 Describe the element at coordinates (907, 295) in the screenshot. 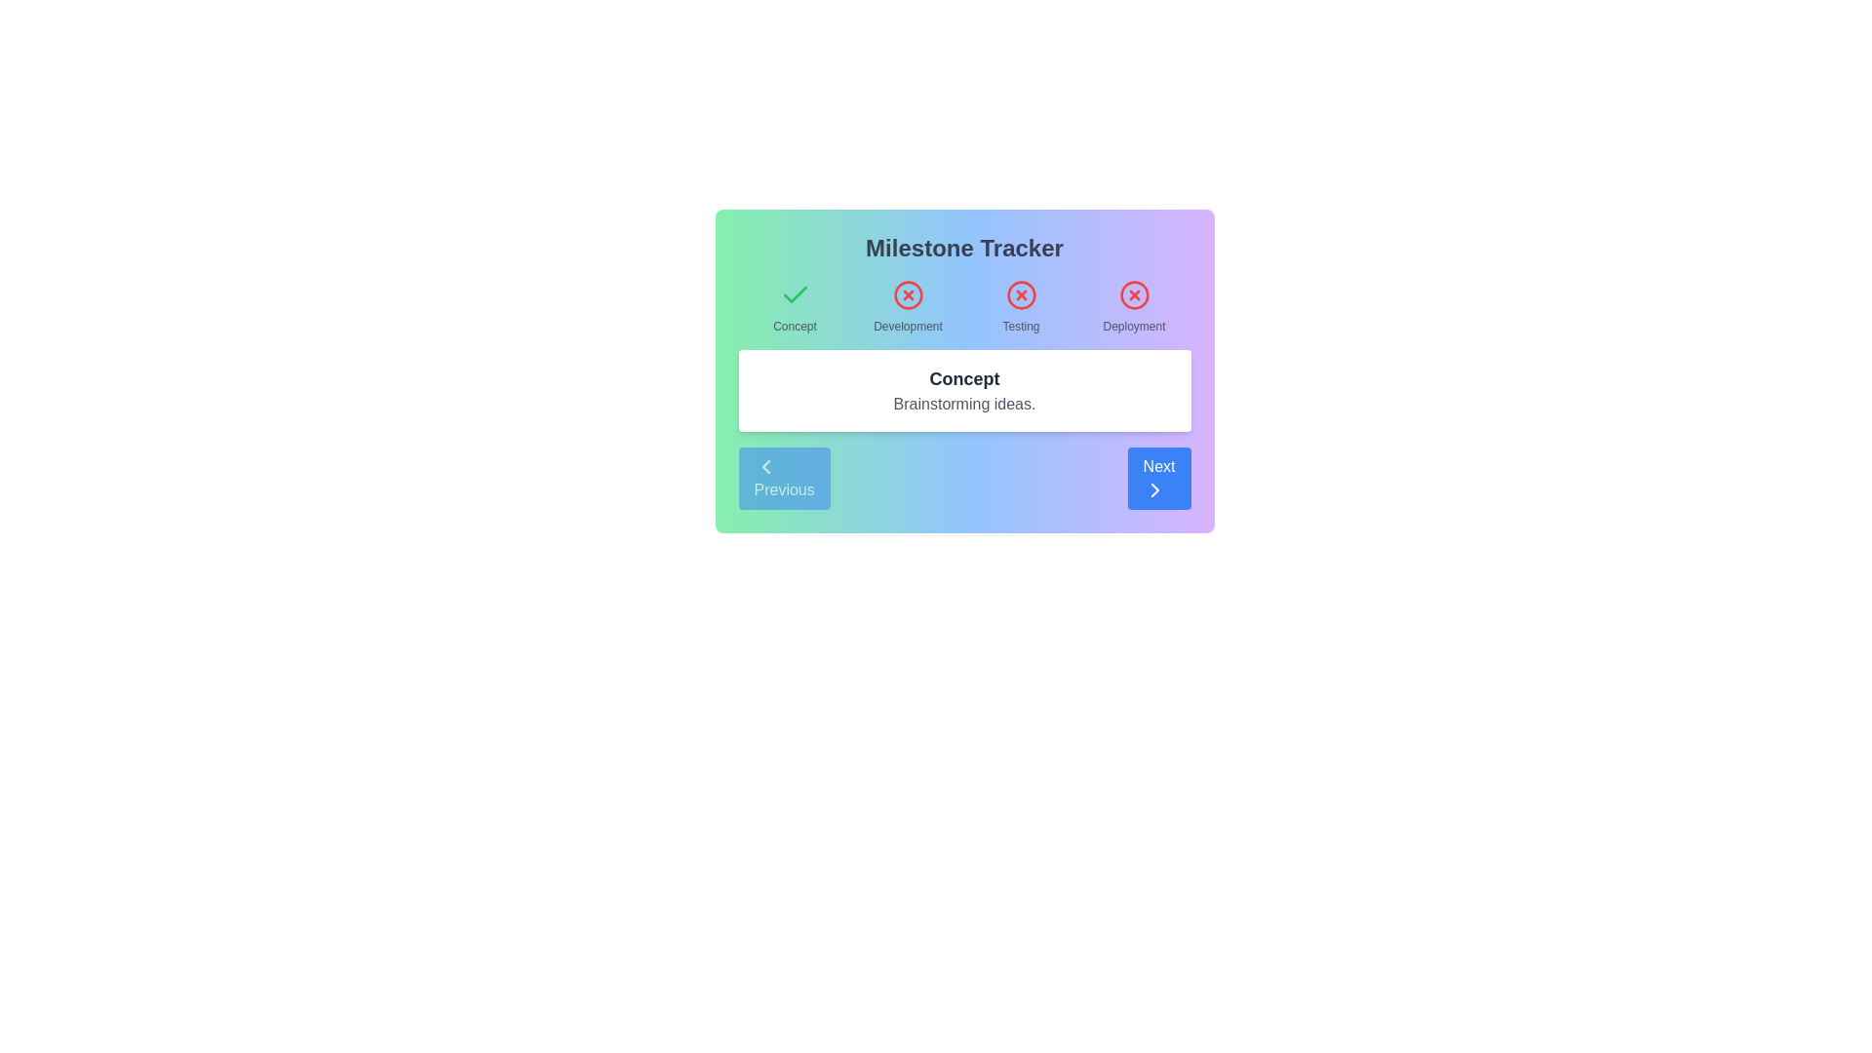

I see `the second icon representing the 'Development' milestone in the progress tracker interface` at that location.